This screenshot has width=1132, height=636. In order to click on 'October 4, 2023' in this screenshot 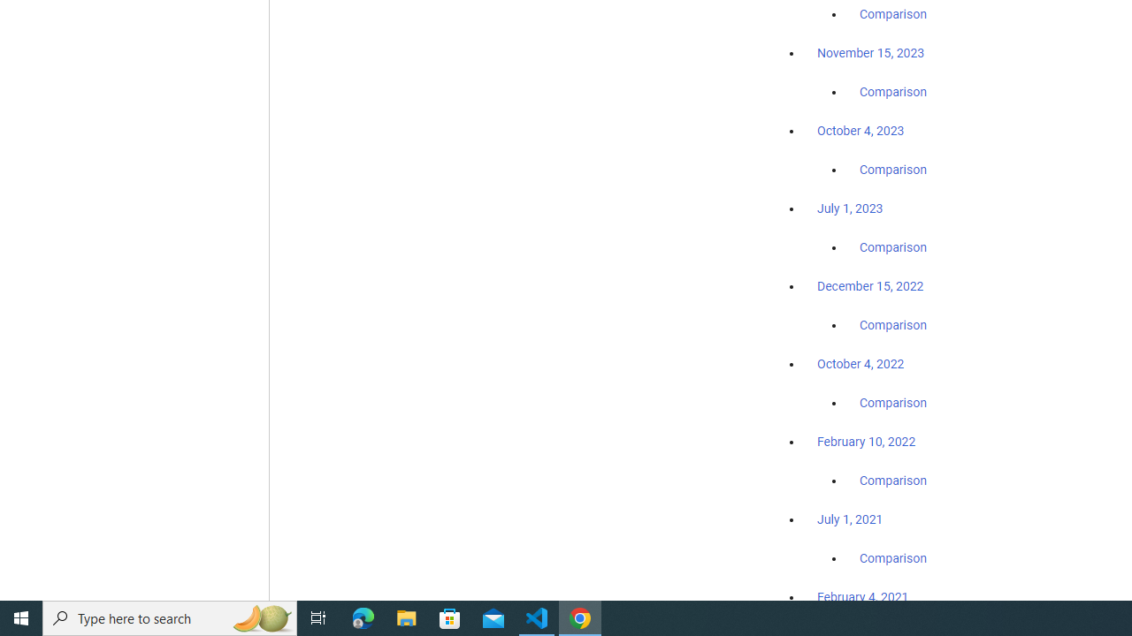, I will do `click(860, 130)`.